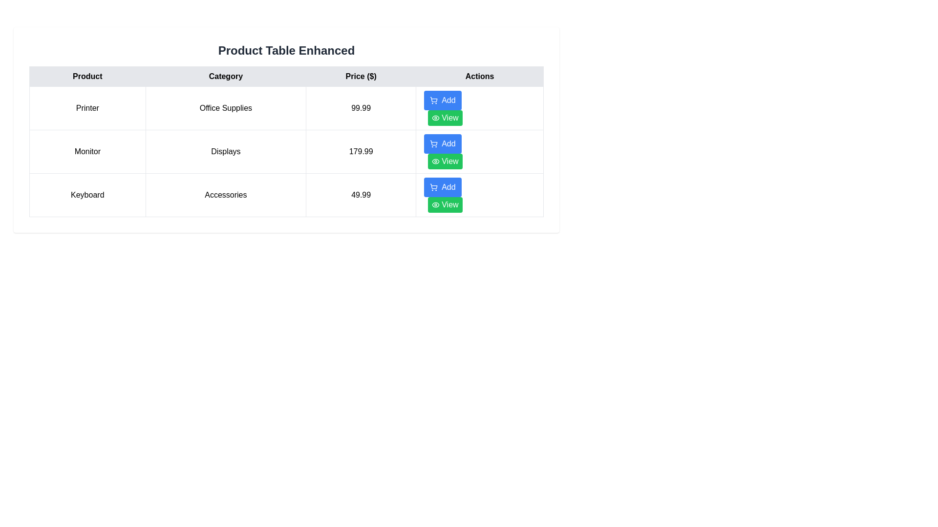 Image resolution: width=938 pixels, height=527 pixels. Describe the element at coordinates (225, 152) in the screenshot. I see `the Text label in the second column of the second row of the table, which serves as a category label for the product, positioned under the 'Category' header` at that location.